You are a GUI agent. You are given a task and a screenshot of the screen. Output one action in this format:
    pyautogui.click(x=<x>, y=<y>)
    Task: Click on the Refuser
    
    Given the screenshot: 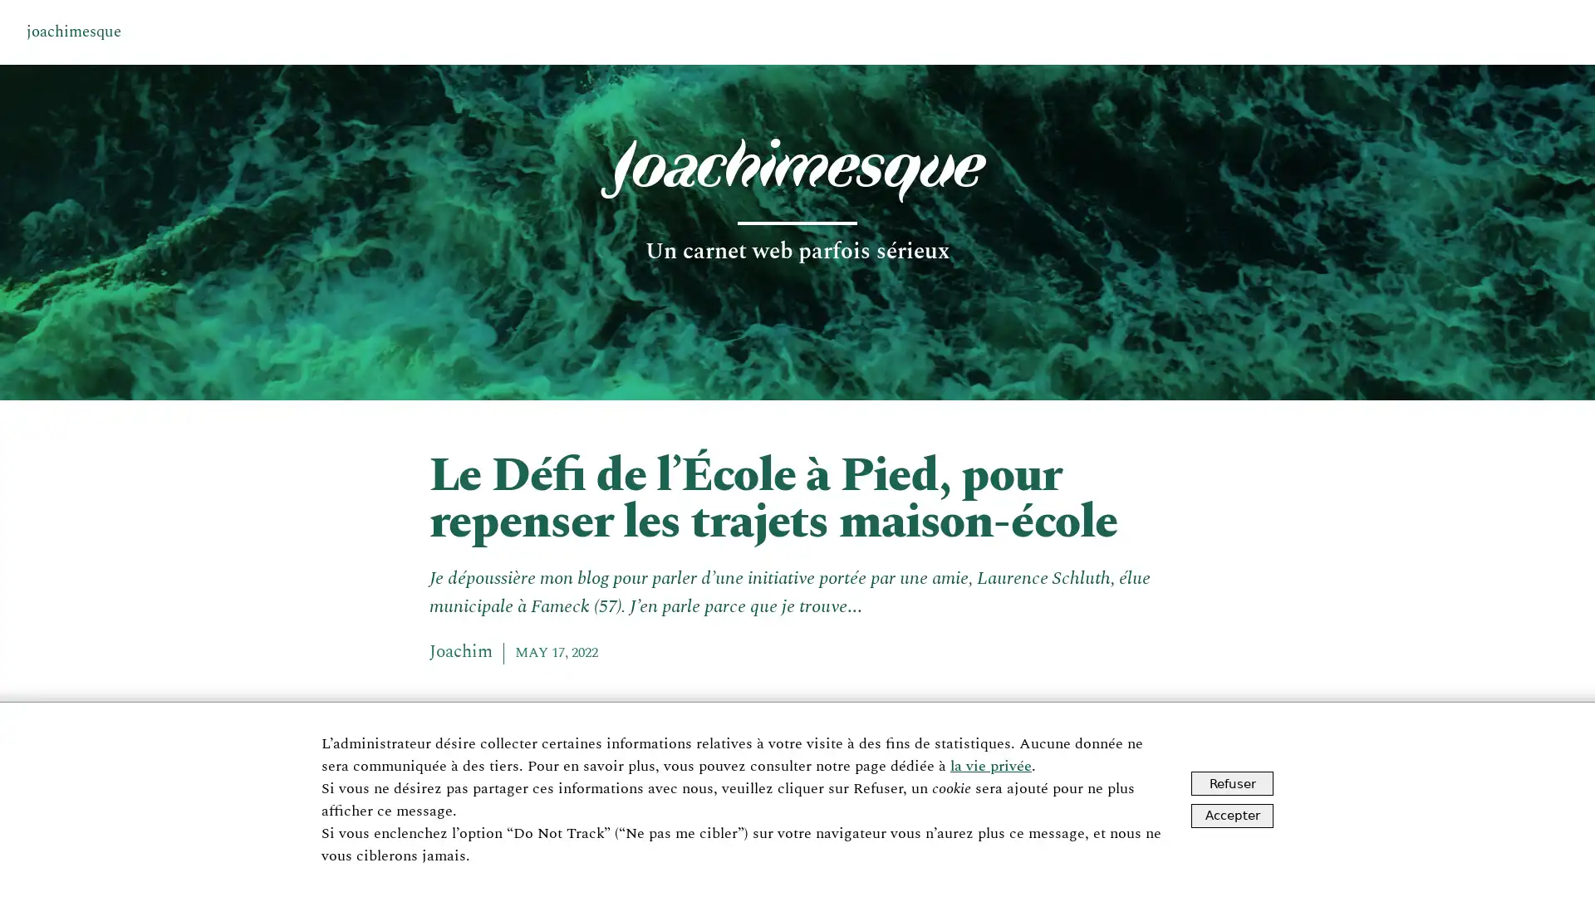 What is the action you would take?
    pyautogui.click(x=1232, y=783)
    